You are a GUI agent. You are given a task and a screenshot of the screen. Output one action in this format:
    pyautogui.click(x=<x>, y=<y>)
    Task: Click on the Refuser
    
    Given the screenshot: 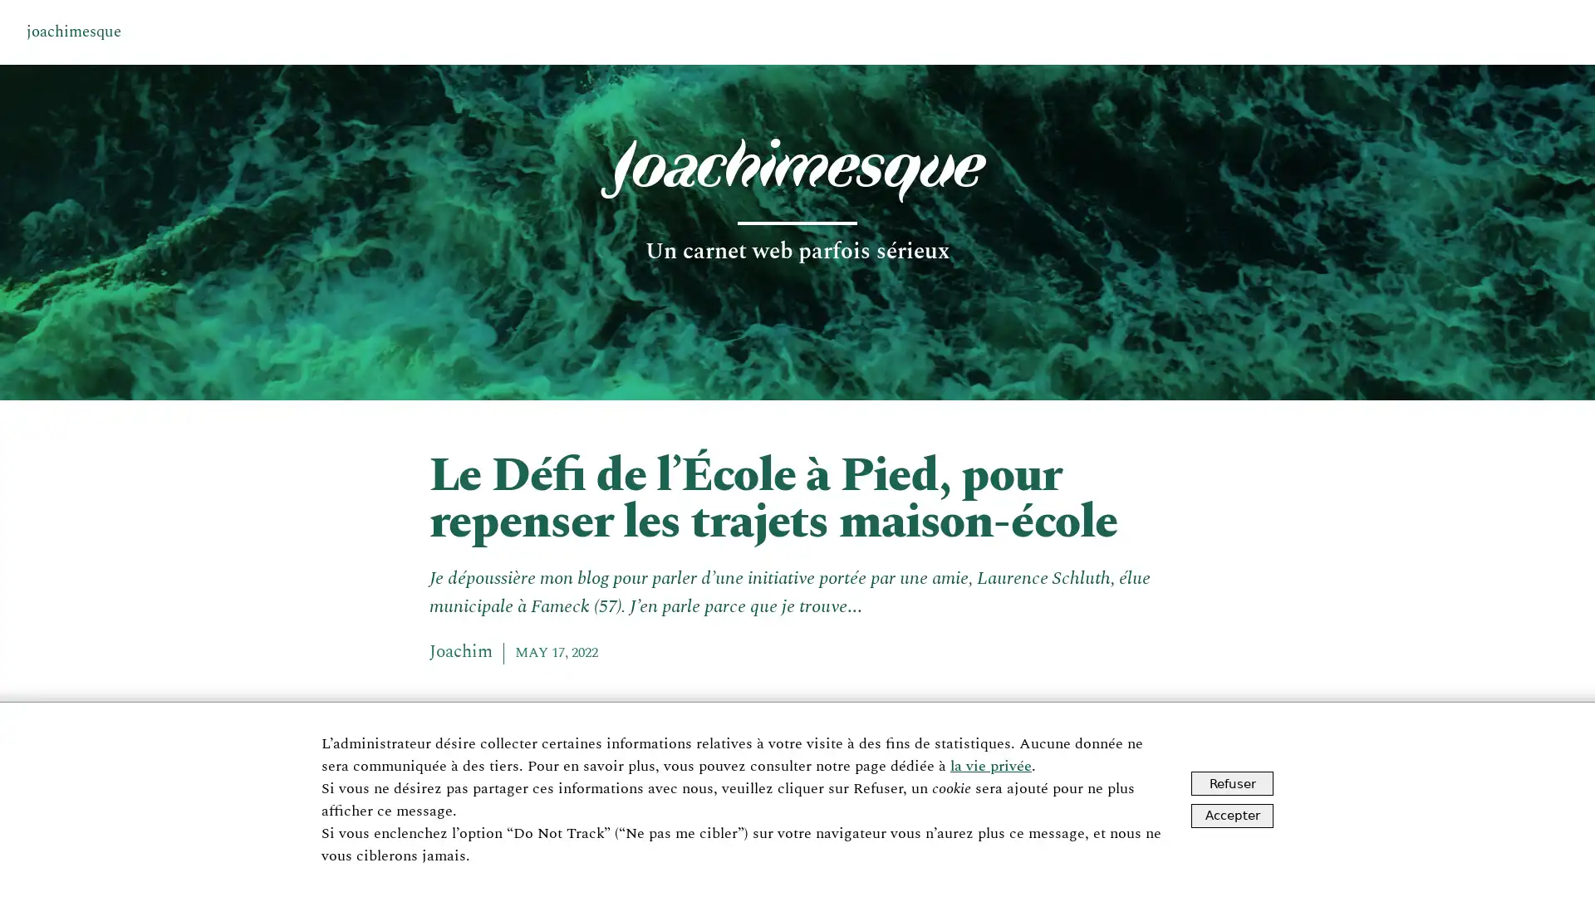 What is the action you would take?
    pyautogui.click(x=1232, y=783)
    